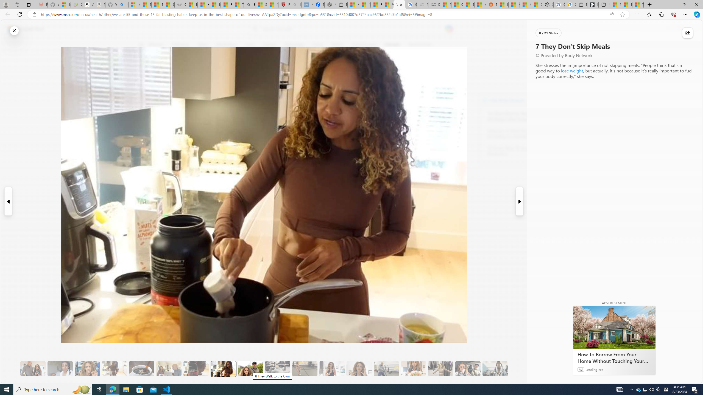 The width and height of the screenshot is (703, 395). I want to click on 'Class: at-item', so click(144, 128).